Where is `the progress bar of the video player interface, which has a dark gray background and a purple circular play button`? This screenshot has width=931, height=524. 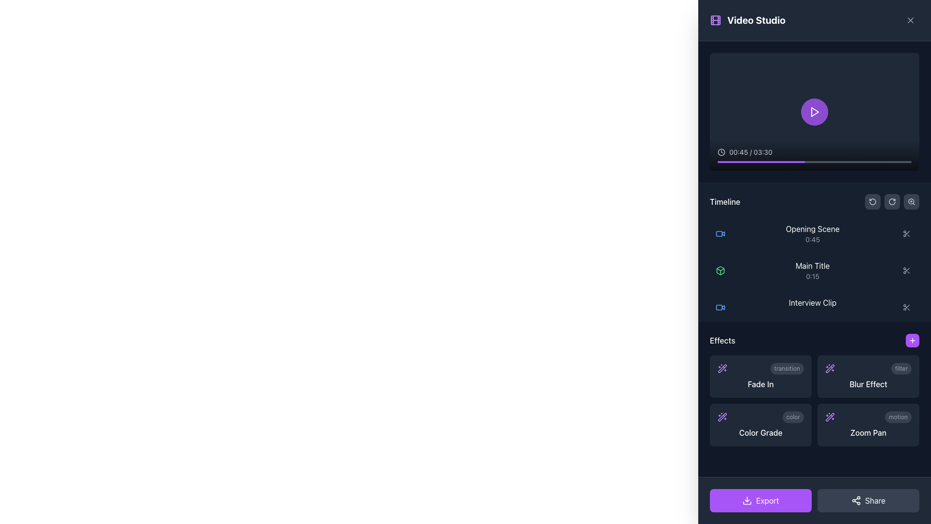
the progress bar of the video player interface, which has a dark gray background and a purple circular play button is located at coordinates (815, 111).